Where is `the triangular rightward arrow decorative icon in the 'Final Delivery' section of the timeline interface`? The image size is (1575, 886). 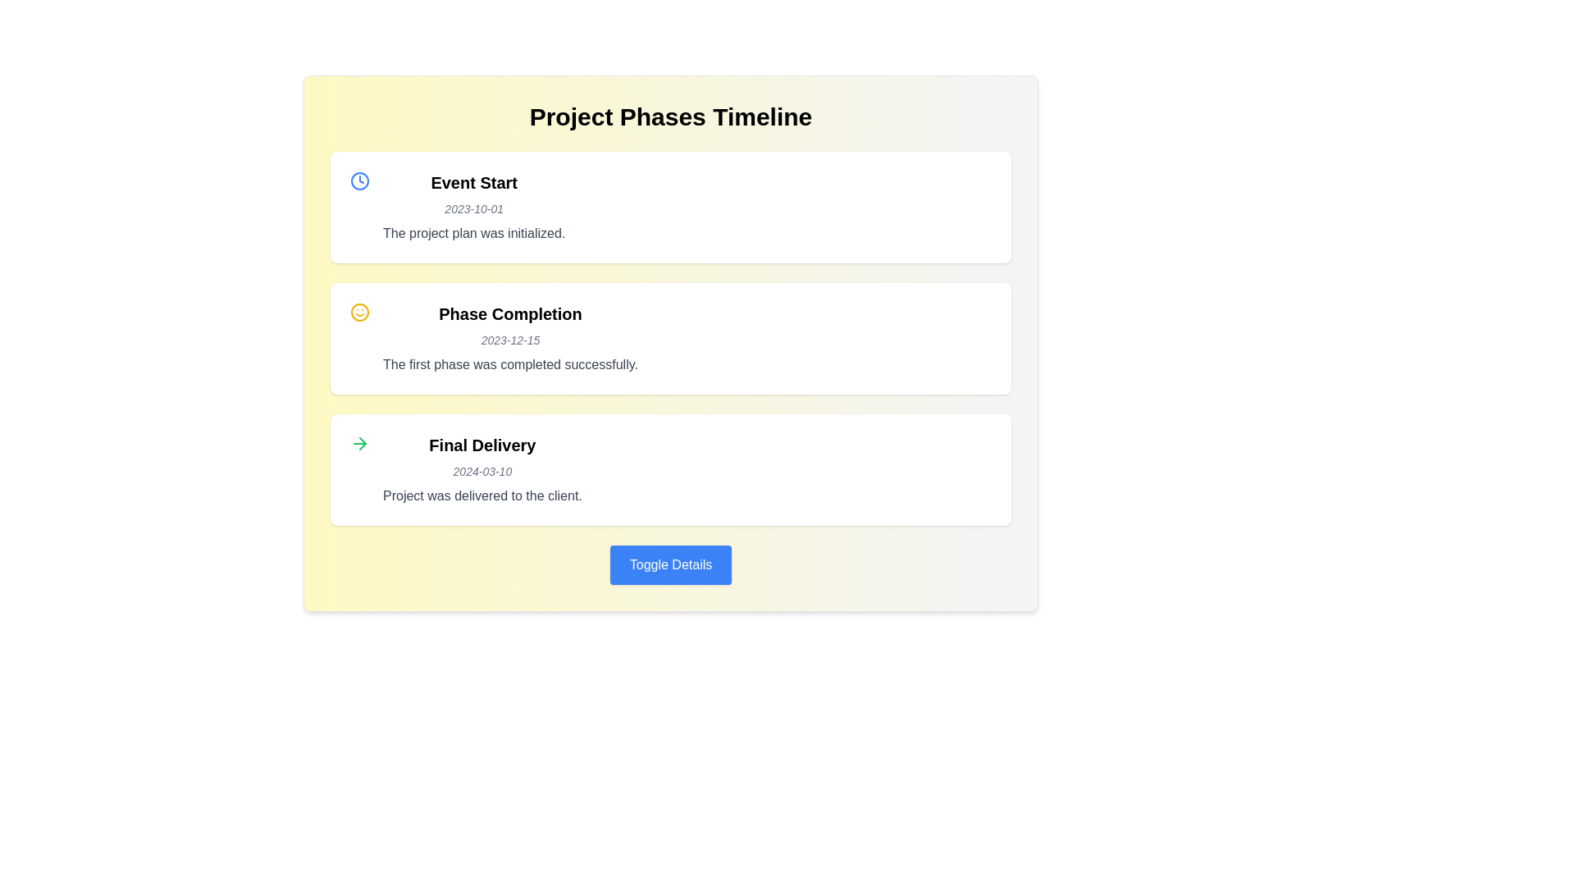
the triangular rightward arrow decorative icon in the 'Final Delivery' section of the timeline interface is located at coordinates (362, 443).